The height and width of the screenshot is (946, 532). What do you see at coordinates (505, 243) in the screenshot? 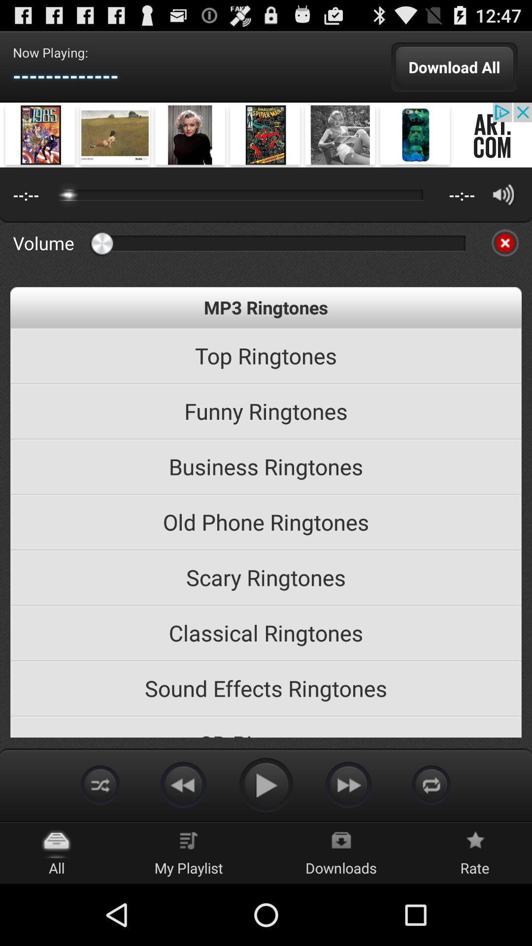
I see `cancel button` at bounding box center [505, 243].